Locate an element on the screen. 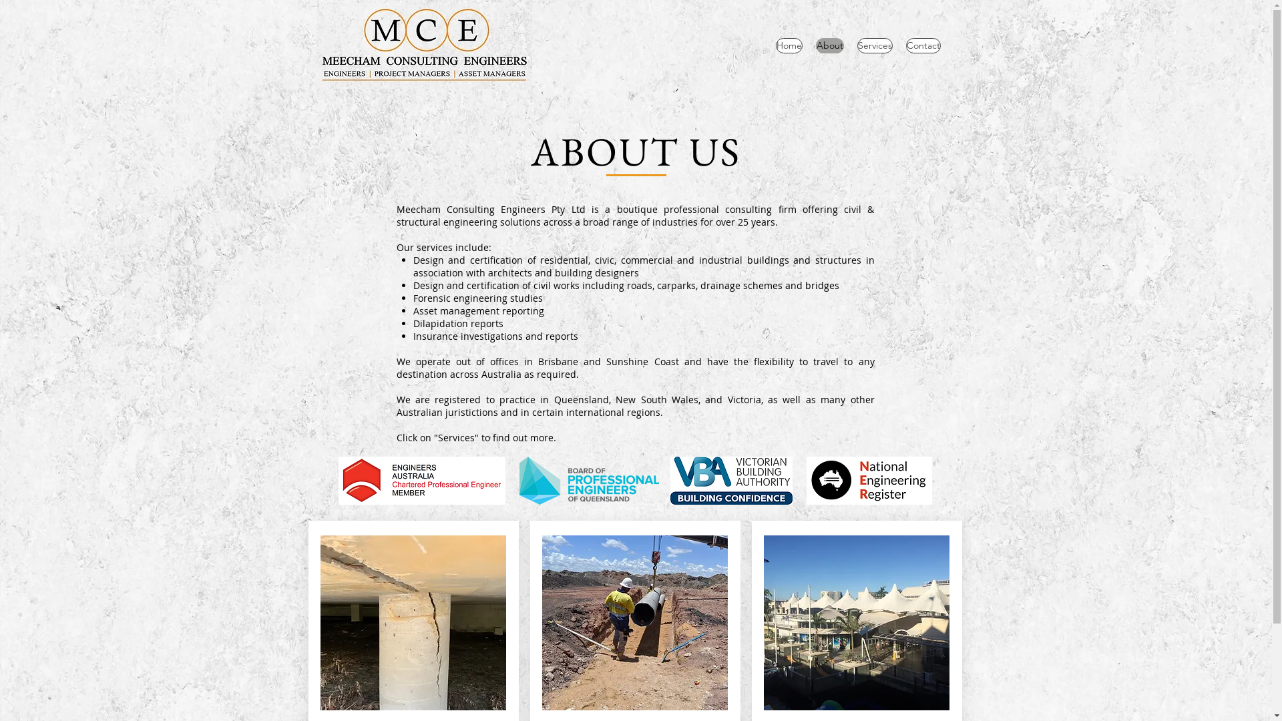 This screenshot has width=1282, height=721. 'Home' is located at coordinates (789, 45).